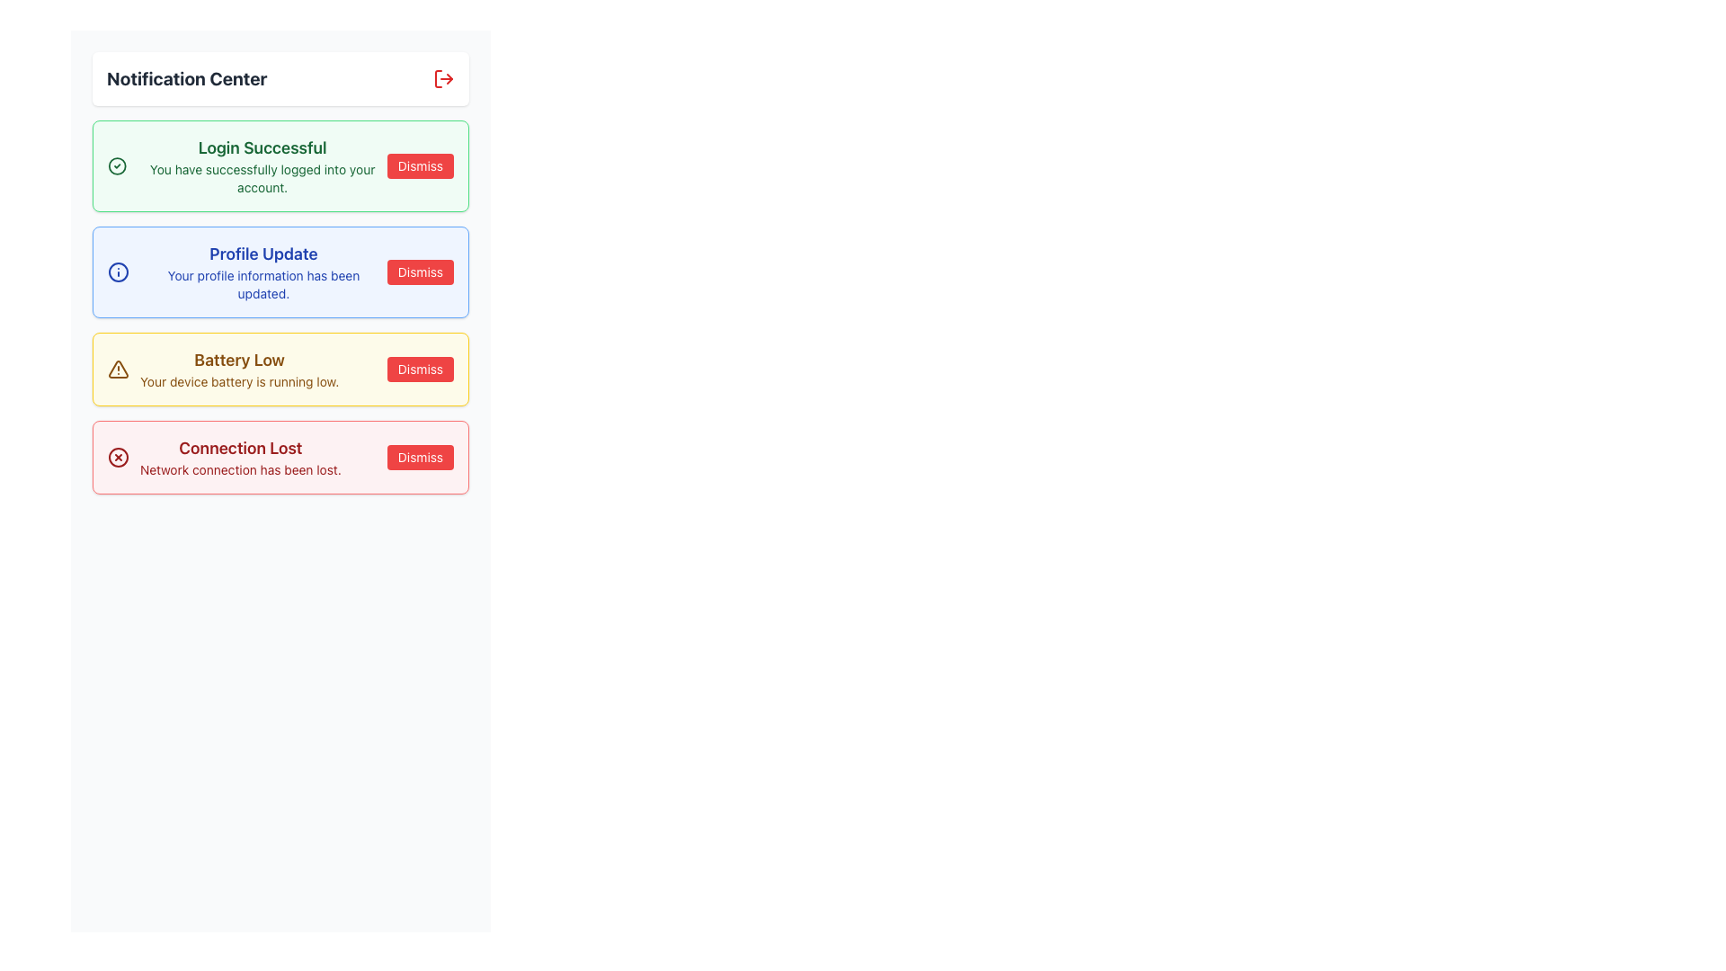  I want to click on the triangular warning icon with a bold border and an exclamation point, which indicates a 'Battery Low' notification, so click(117, 368).